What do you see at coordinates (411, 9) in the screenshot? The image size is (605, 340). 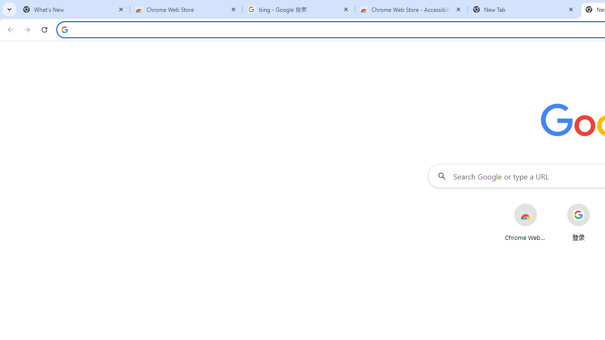 I see `'Chrome Web Store - Accessibility'` at bounding box center [411, 9].